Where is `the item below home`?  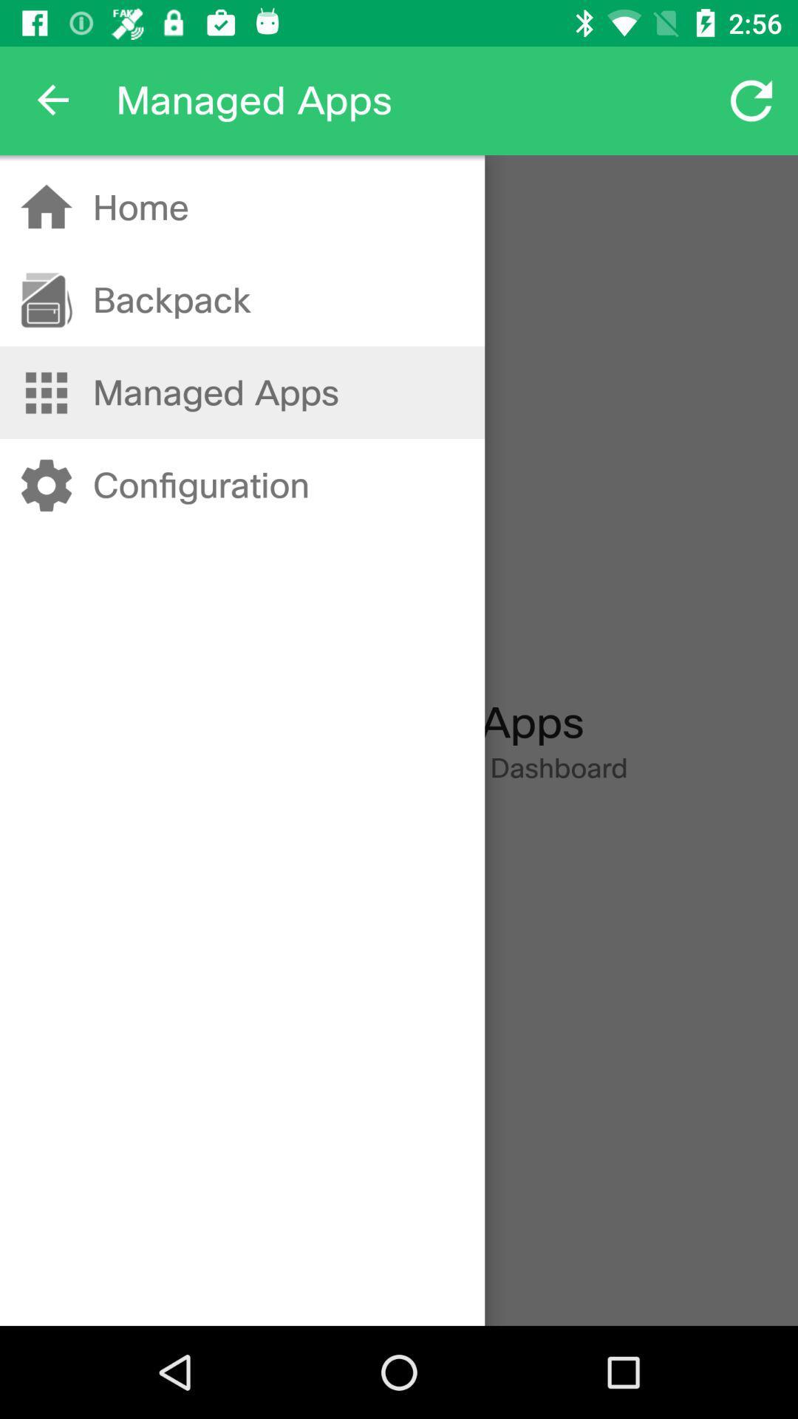 the item below home is located at coordinates (171, 299).